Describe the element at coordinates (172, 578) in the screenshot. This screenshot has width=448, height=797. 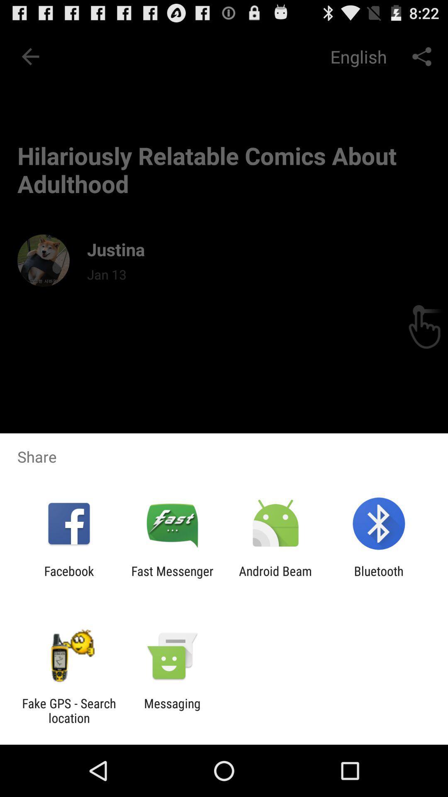
I see `icon next to facebook` at that location.